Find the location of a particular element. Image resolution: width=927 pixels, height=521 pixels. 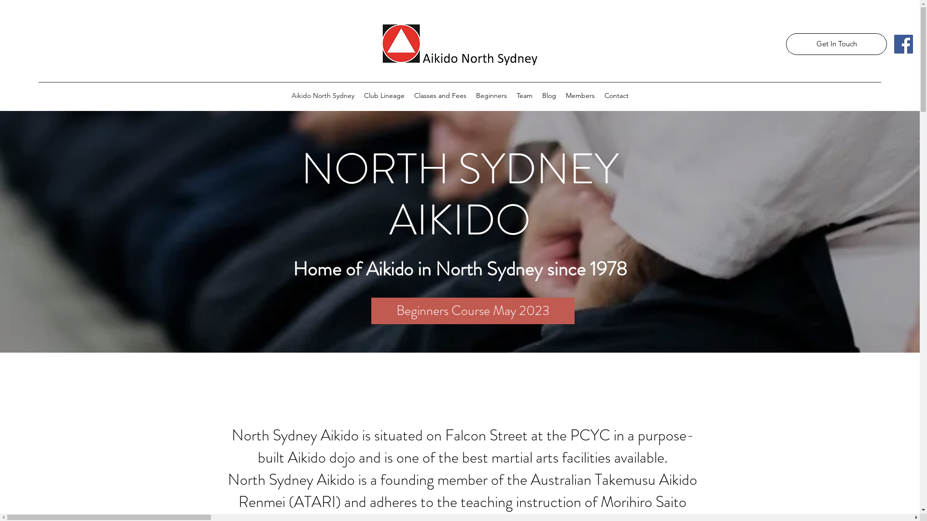

'Members' is located at coordinates (579, 96).